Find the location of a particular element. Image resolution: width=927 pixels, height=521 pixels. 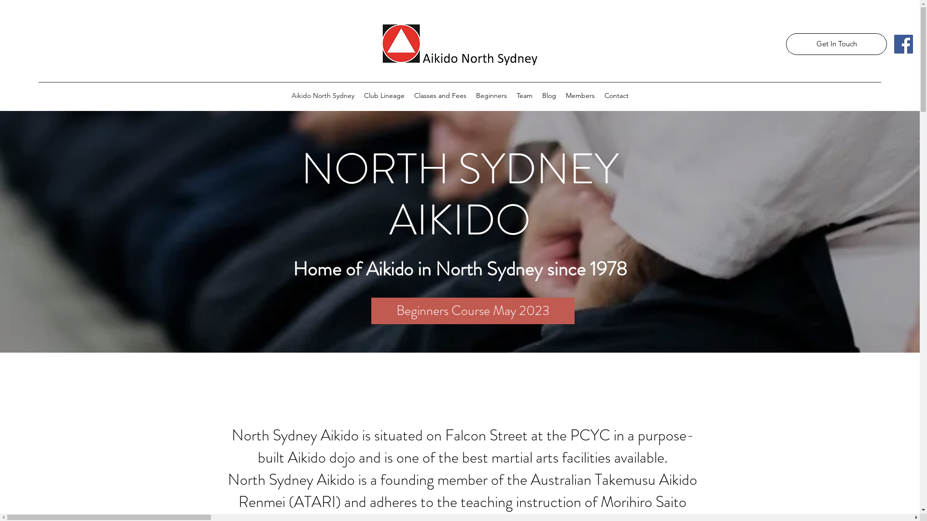

'Members' is located at coordinates (579, 96).